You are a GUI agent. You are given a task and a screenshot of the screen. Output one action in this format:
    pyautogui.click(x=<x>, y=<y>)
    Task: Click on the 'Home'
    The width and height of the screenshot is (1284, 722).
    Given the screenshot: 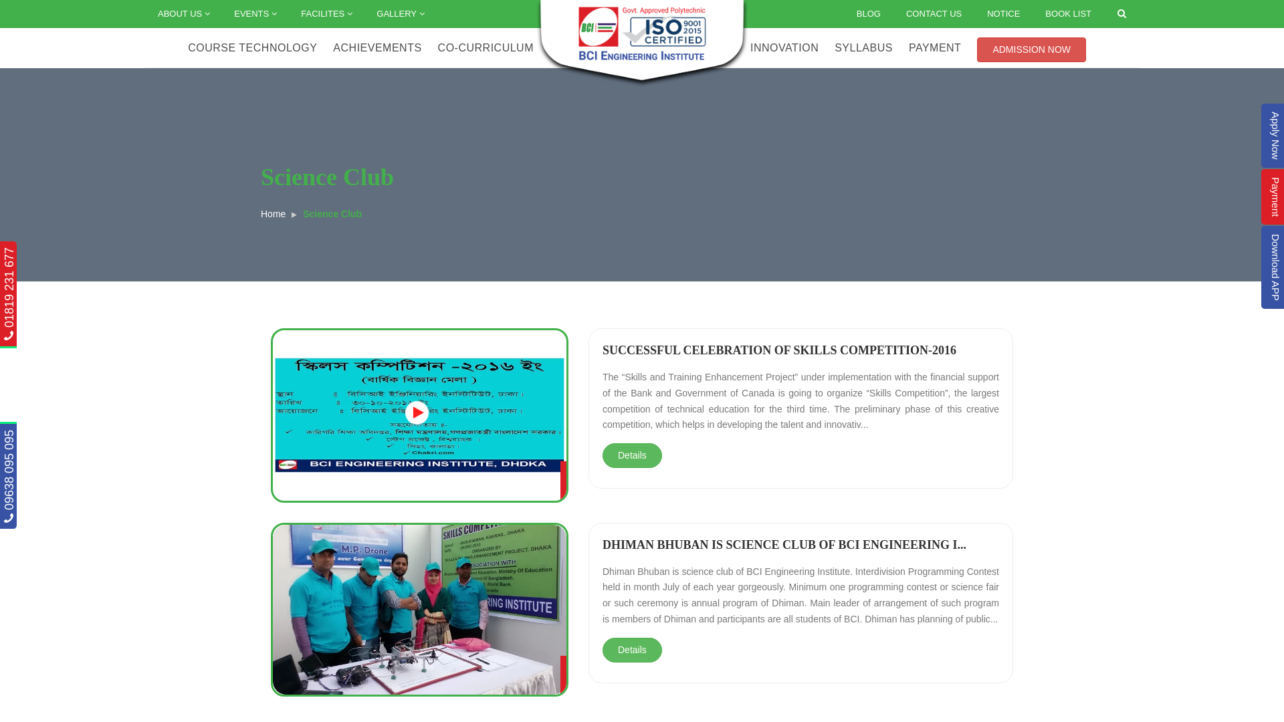 What is the action you would take?
    pyautogui.click(x=272, y=213)
    